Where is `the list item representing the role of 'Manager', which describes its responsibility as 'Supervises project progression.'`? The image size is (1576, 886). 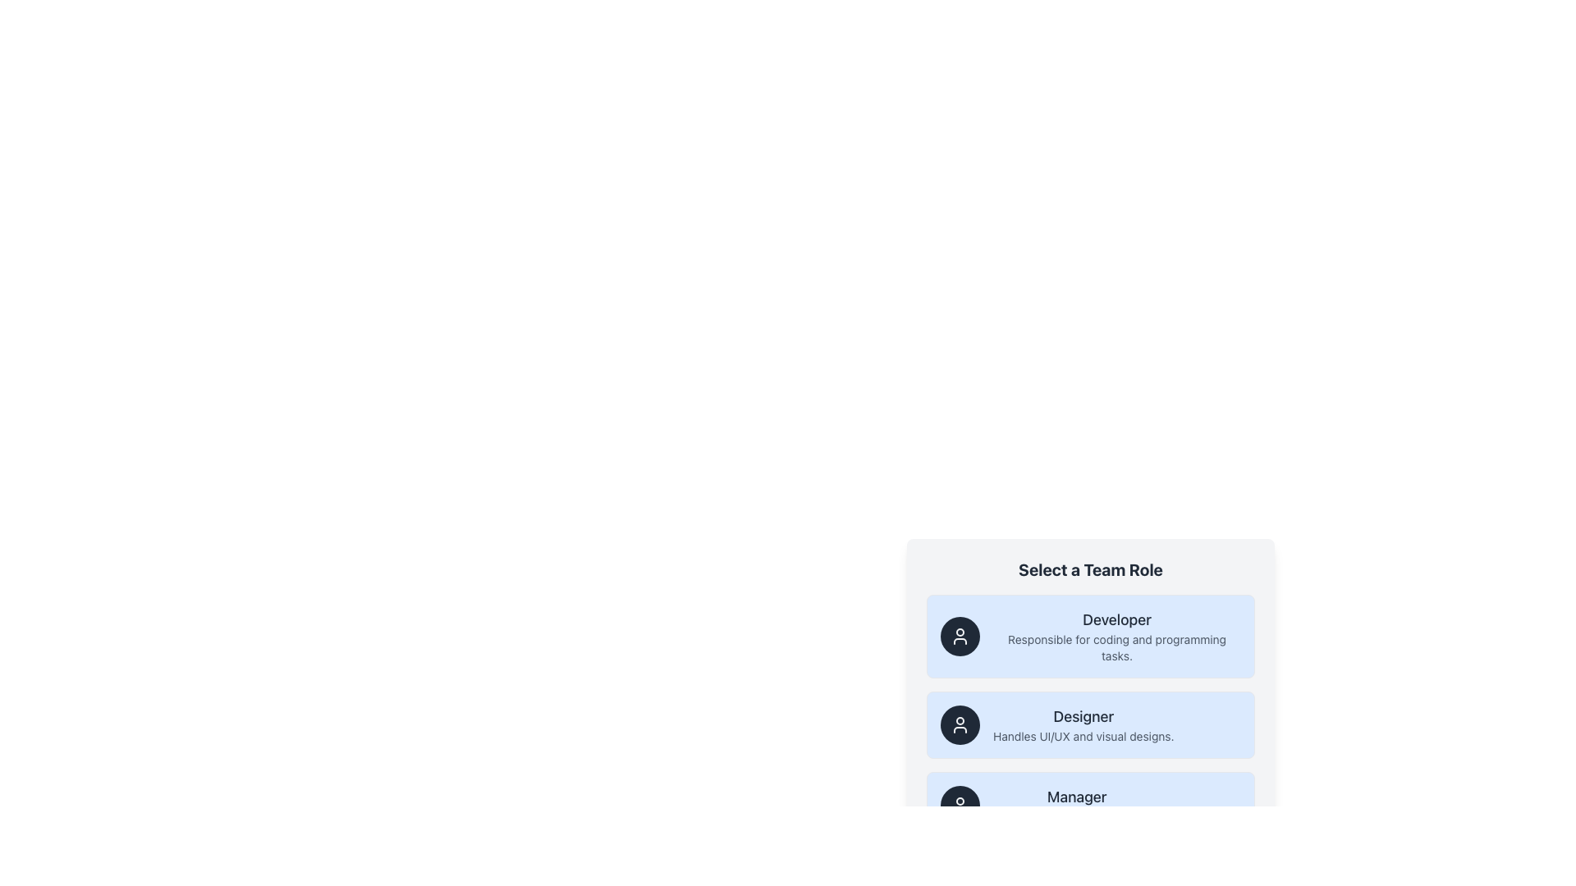
the list item representing the role of 'Manager', which describes its responsibility as 'Supervises project progression.' is located at coordinates (1077, 805).